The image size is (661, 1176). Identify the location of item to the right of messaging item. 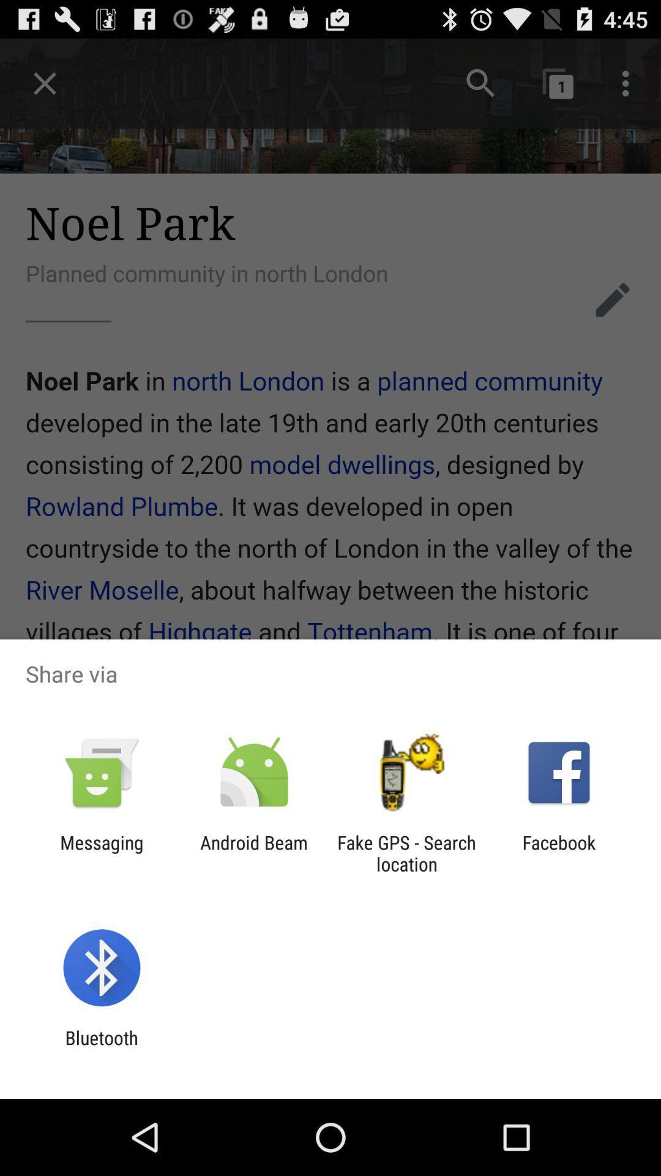
(253, 853).